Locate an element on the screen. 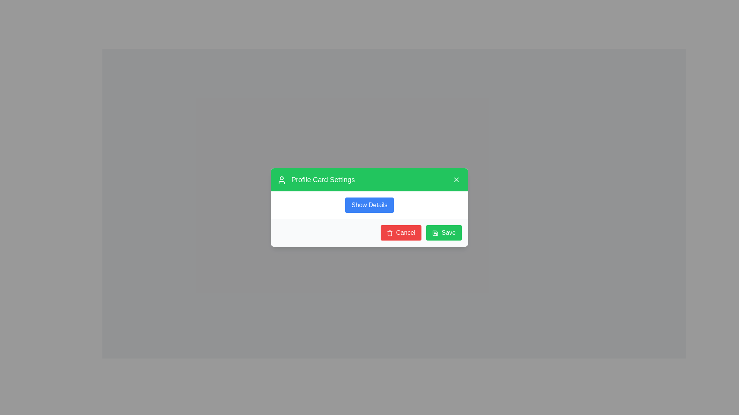  the diagonal cross-shaped icon in the green header section of the 'Profile Card Settings' dialog box is located at coordinates (456, 179).